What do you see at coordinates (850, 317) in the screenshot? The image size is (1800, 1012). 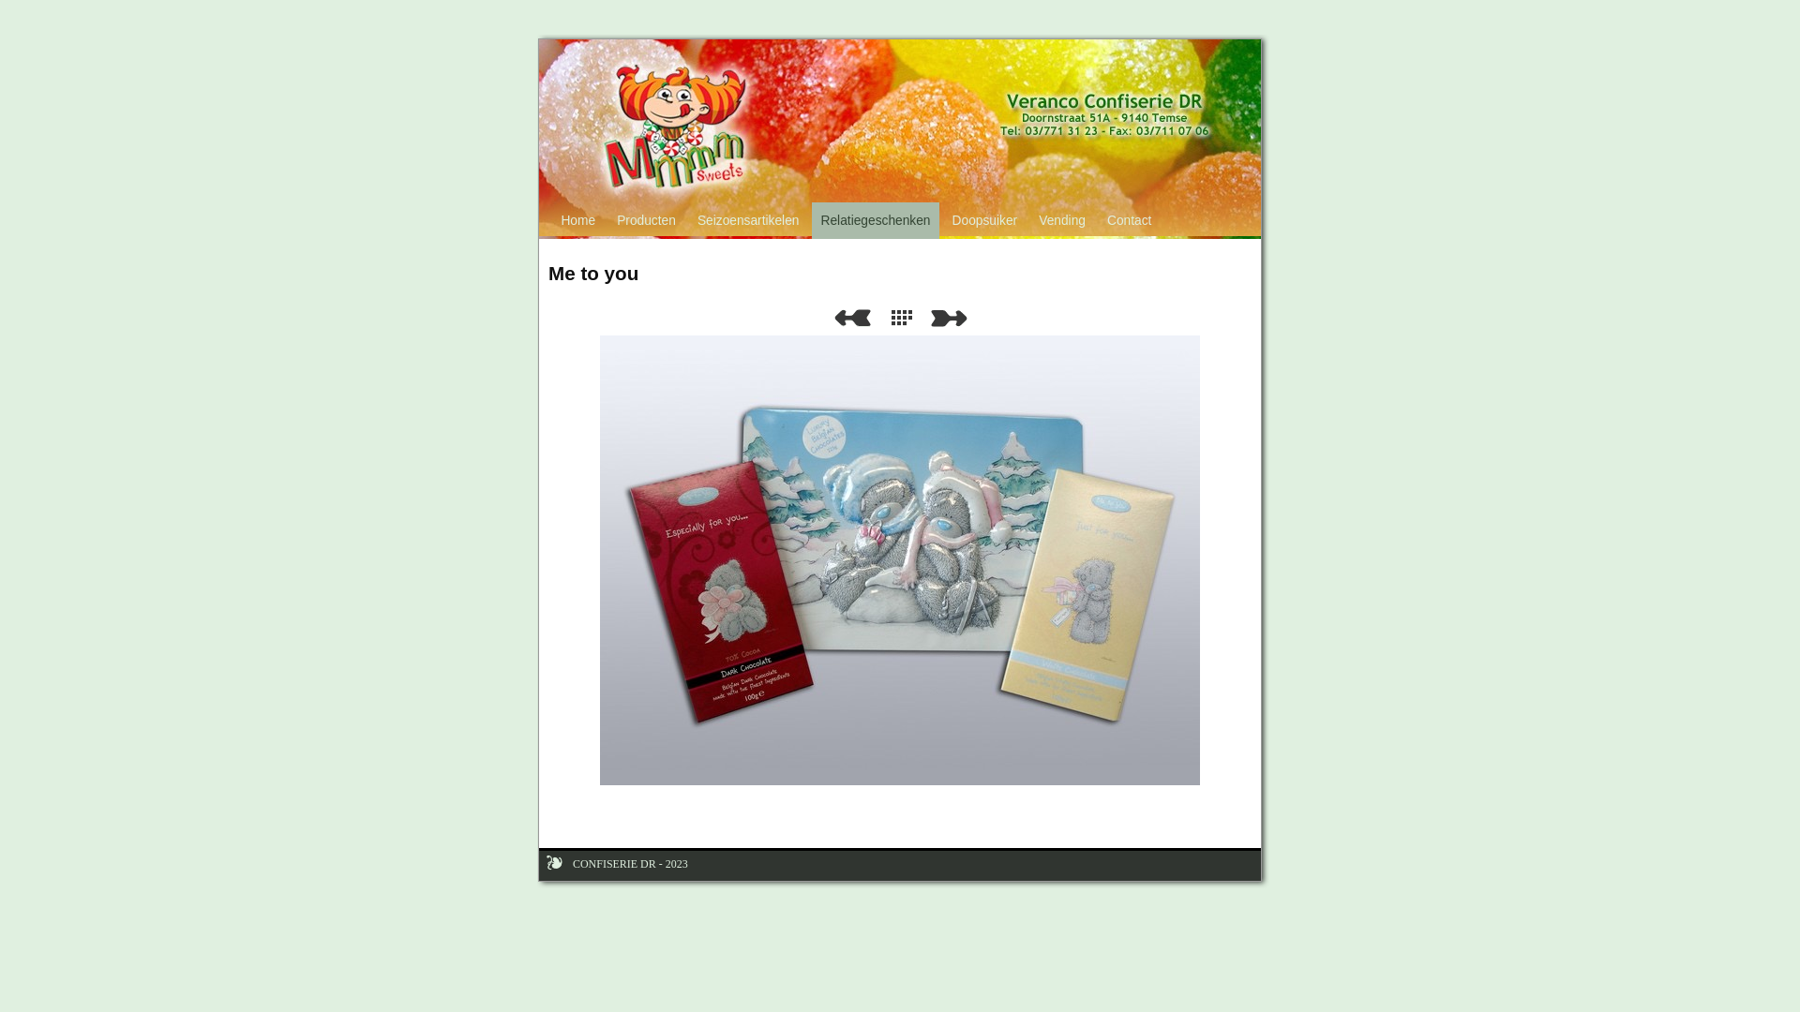 I see `'Previous'` at bounding box center [850, 317].